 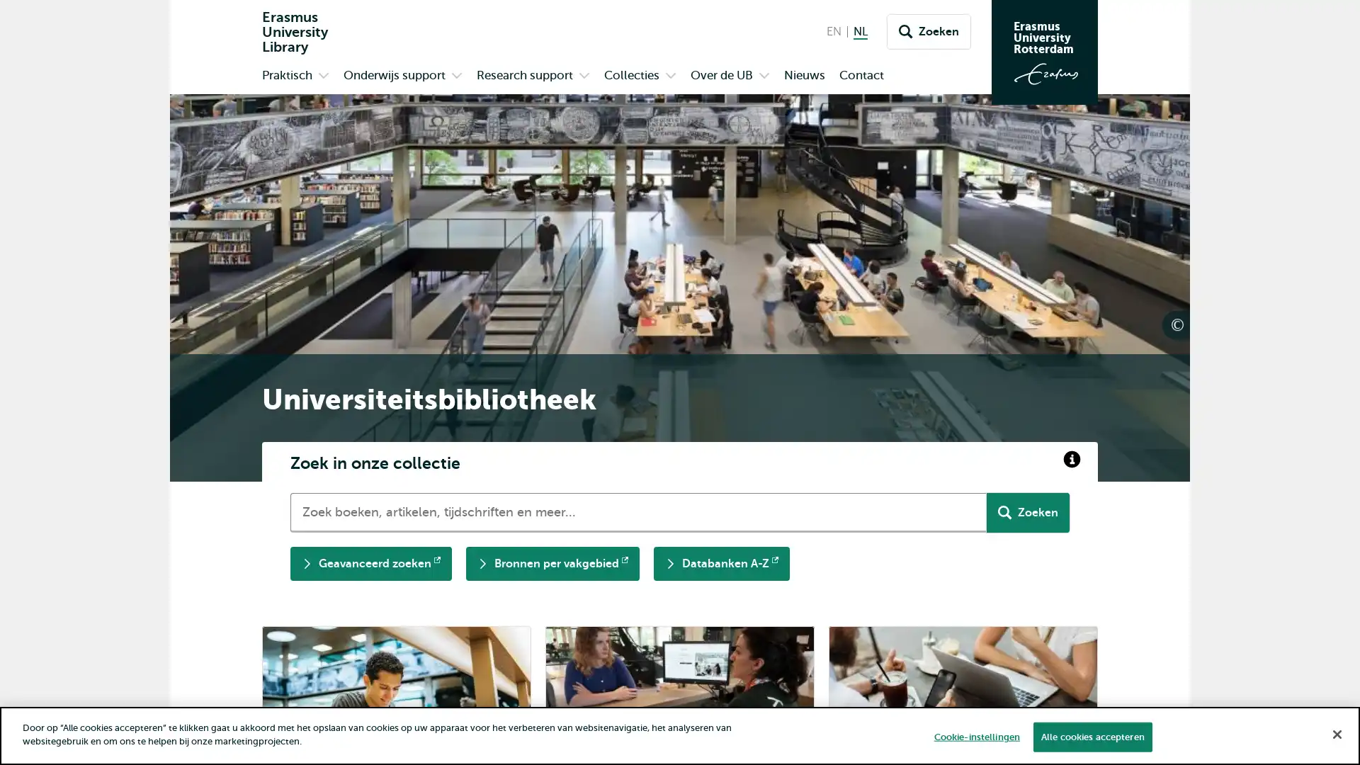 I want to click on Open submenu, so click(x=322, y=76).